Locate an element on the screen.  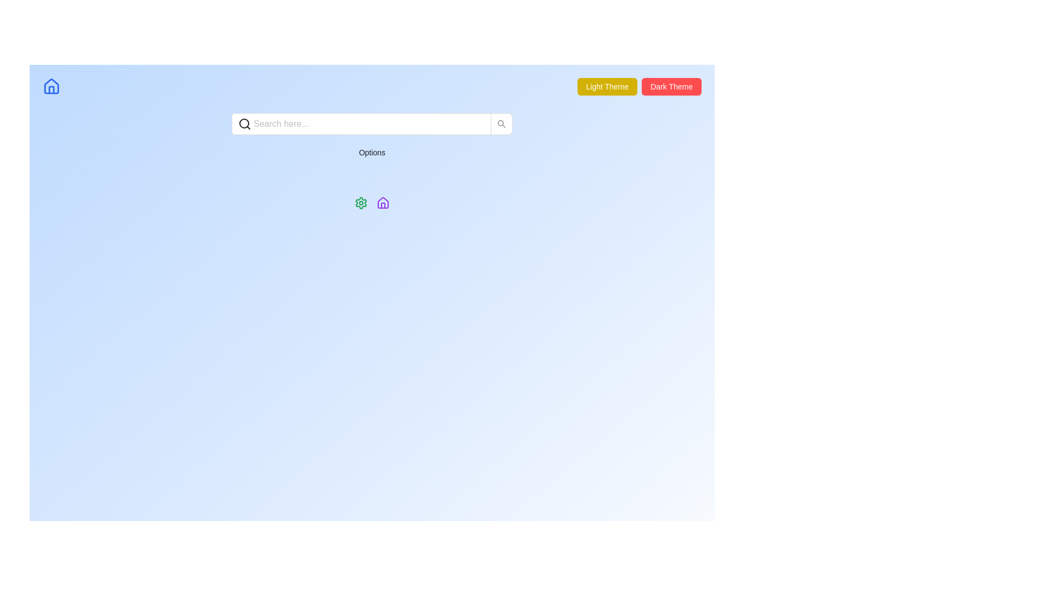
the theme switch button located at the top-right corner of the interface, adjacent to the 'Dark Theme' button is located at coordinates (607, 86).